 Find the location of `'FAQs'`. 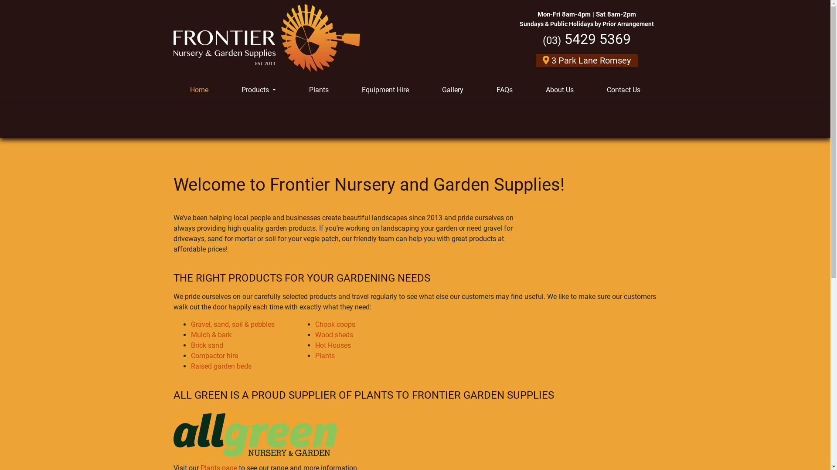

'FAQs' is located at coordinates (504, 90).